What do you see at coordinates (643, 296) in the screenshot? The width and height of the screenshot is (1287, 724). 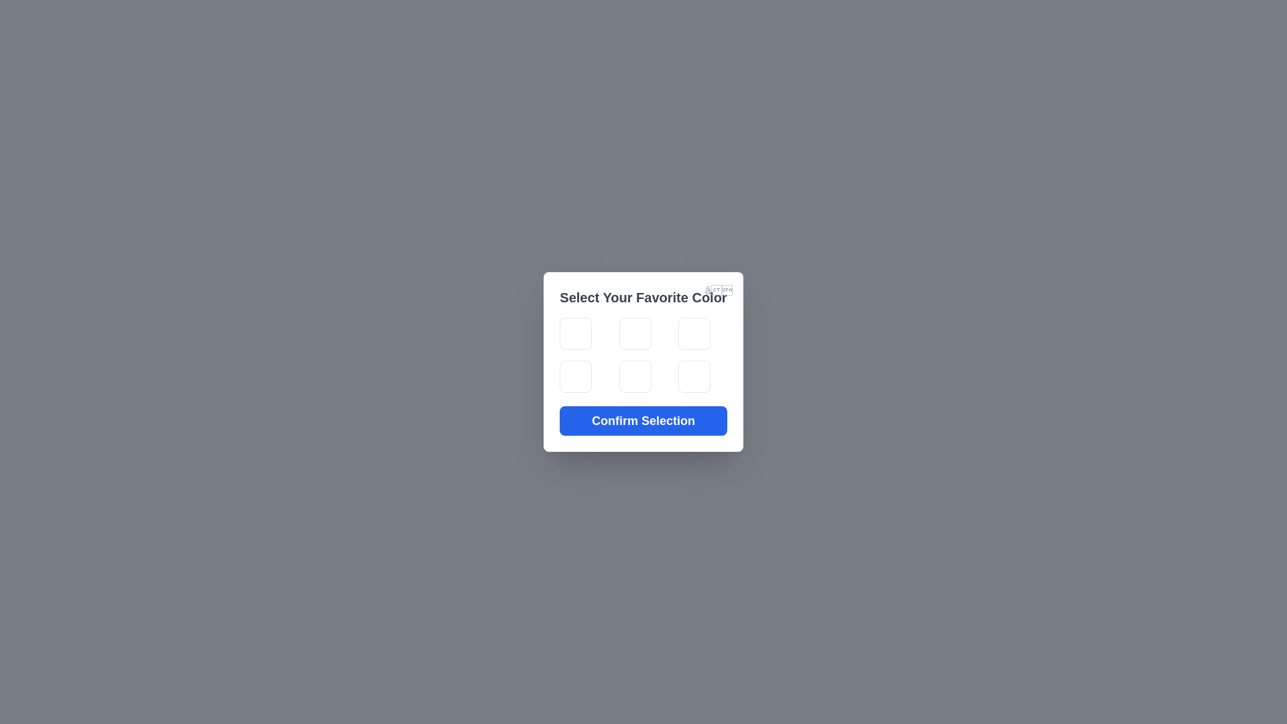 I see `the title and read the instructions displayed` at bounding box center [643, 296].